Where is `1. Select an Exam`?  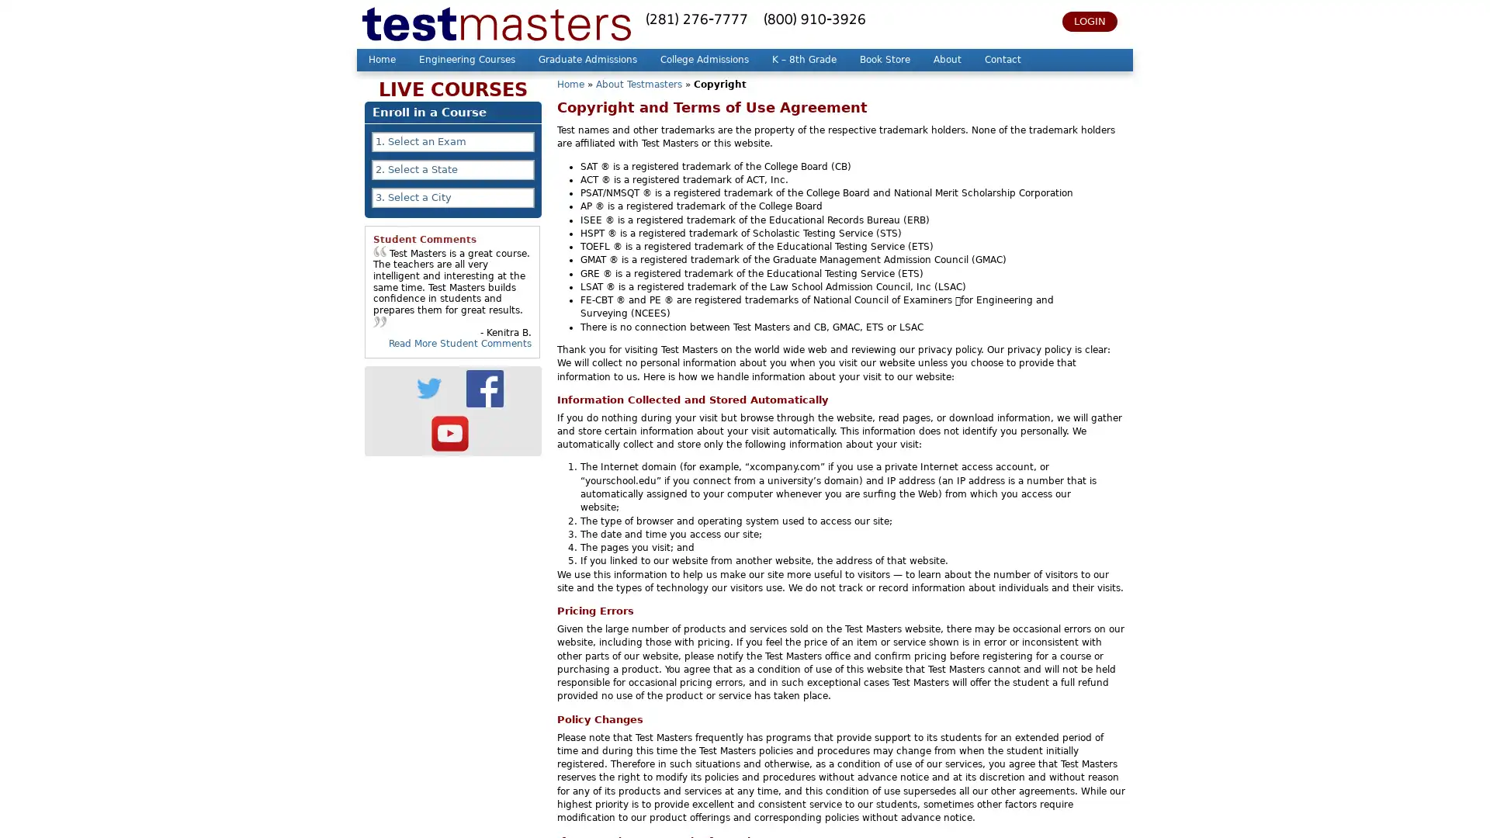
1. Select an Exam is located at coordinates (452, 141).